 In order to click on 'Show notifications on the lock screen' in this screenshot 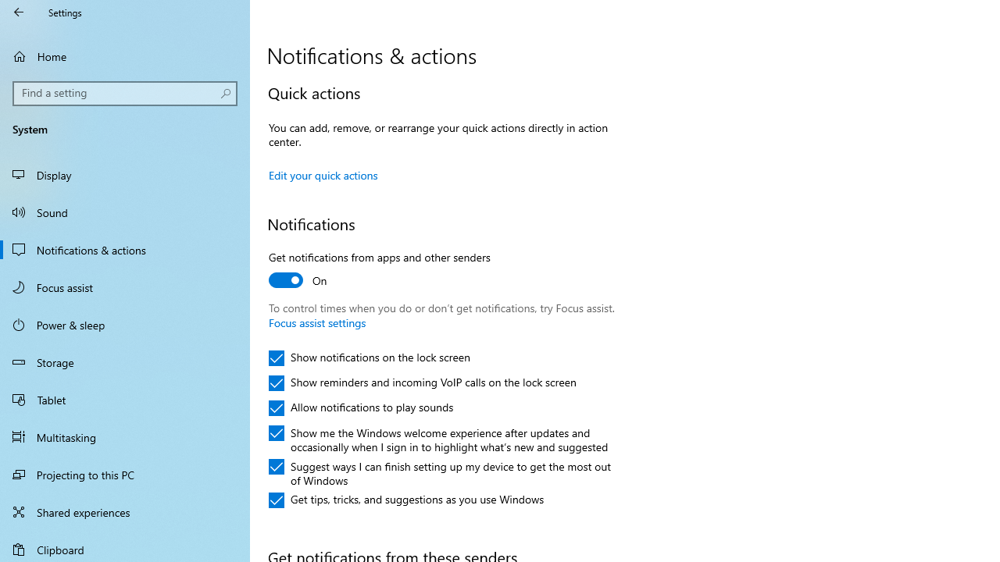, I will do `click(369, 357)`.